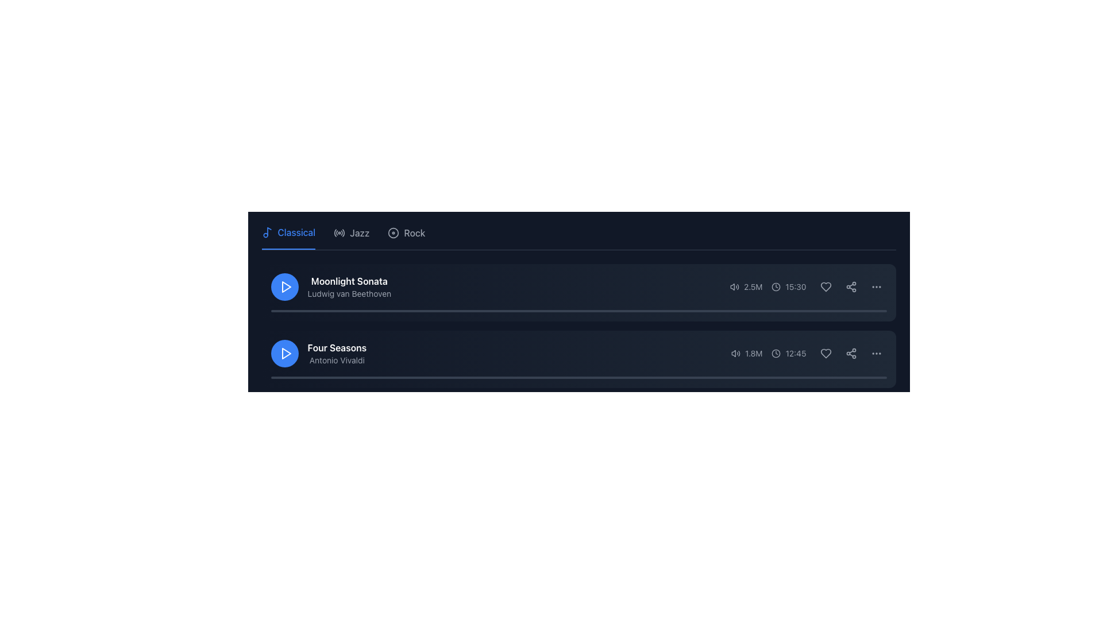 The width and height of the screenshot is (1103, 620). I want to click on the heart-shaped favorite button located in the row for the song 'Moonlight Sonata', so click(825, 286).